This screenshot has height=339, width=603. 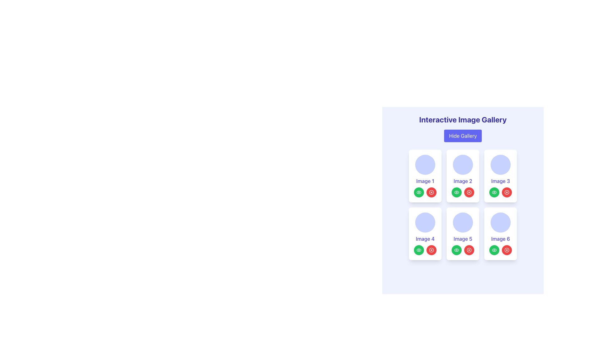 What do you see at coordinates (463, 135) in the screenshot?
I see `the button located directly below the title 'Interactive Image Gallery'` at bounding box center [463, 135].